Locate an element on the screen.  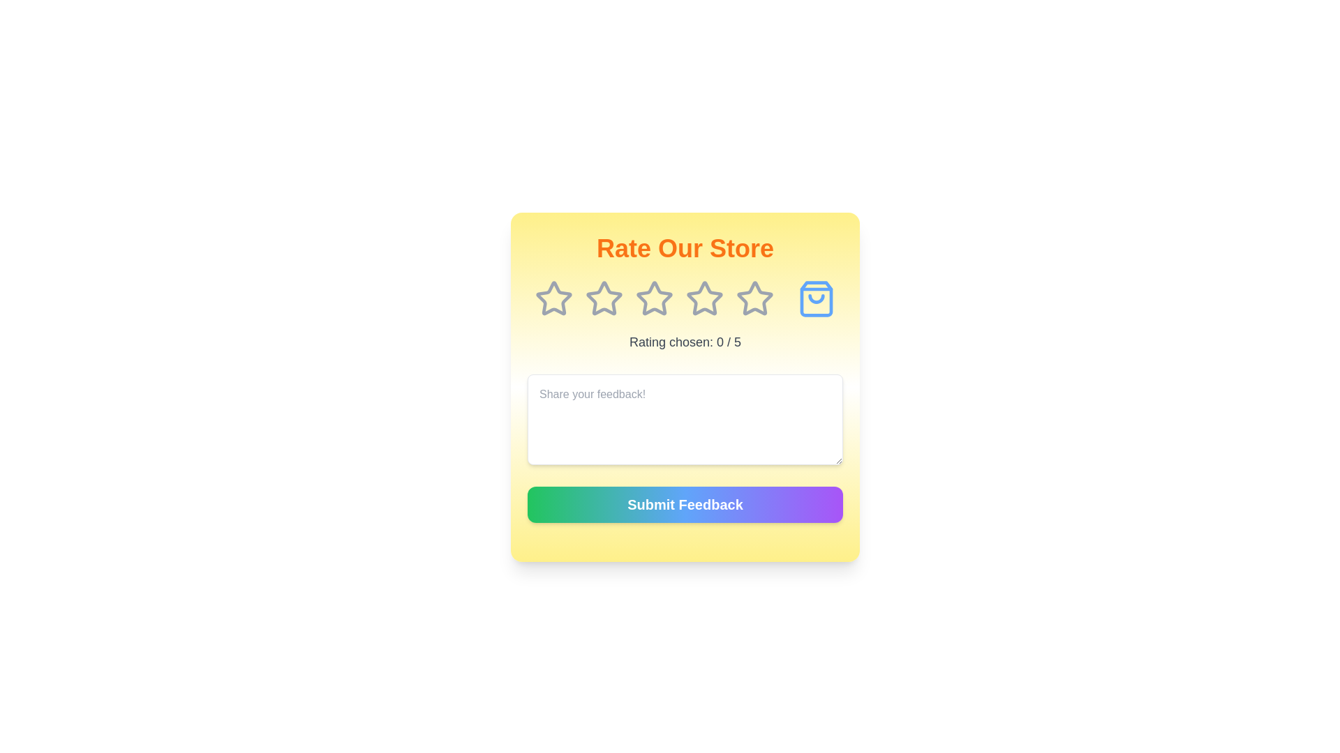
the star corresponding to the desired rating 1 to set the rating is located at coordinates (553, 298).